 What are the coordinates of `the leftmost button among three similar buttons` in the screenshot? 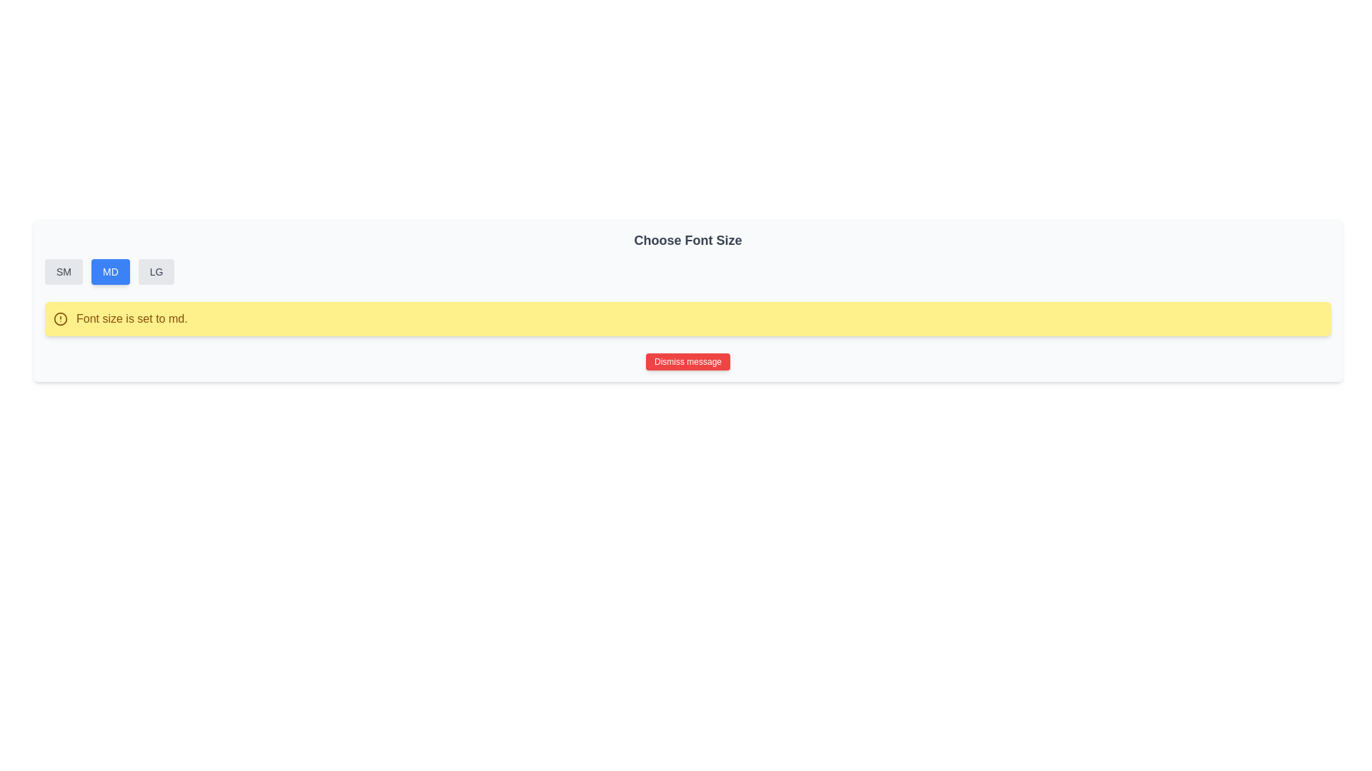 It's located at (63, 272).